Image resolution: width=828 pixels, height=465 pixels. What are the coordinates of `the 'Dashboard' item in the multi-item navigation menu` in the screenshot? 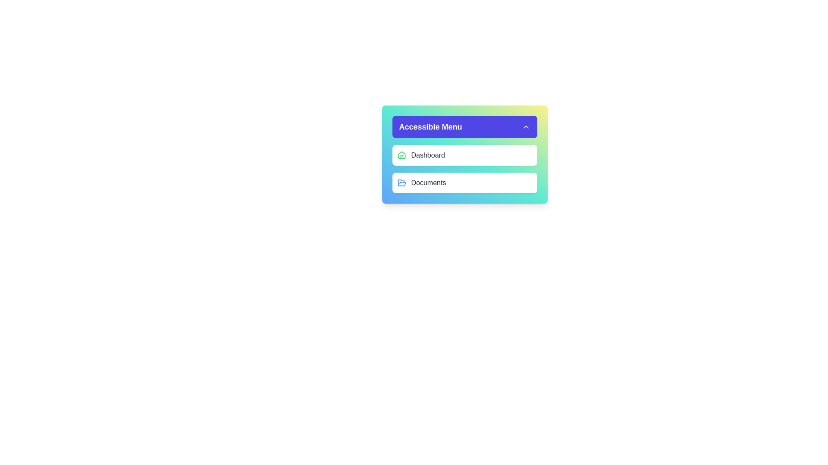 It's located at (464, 169).